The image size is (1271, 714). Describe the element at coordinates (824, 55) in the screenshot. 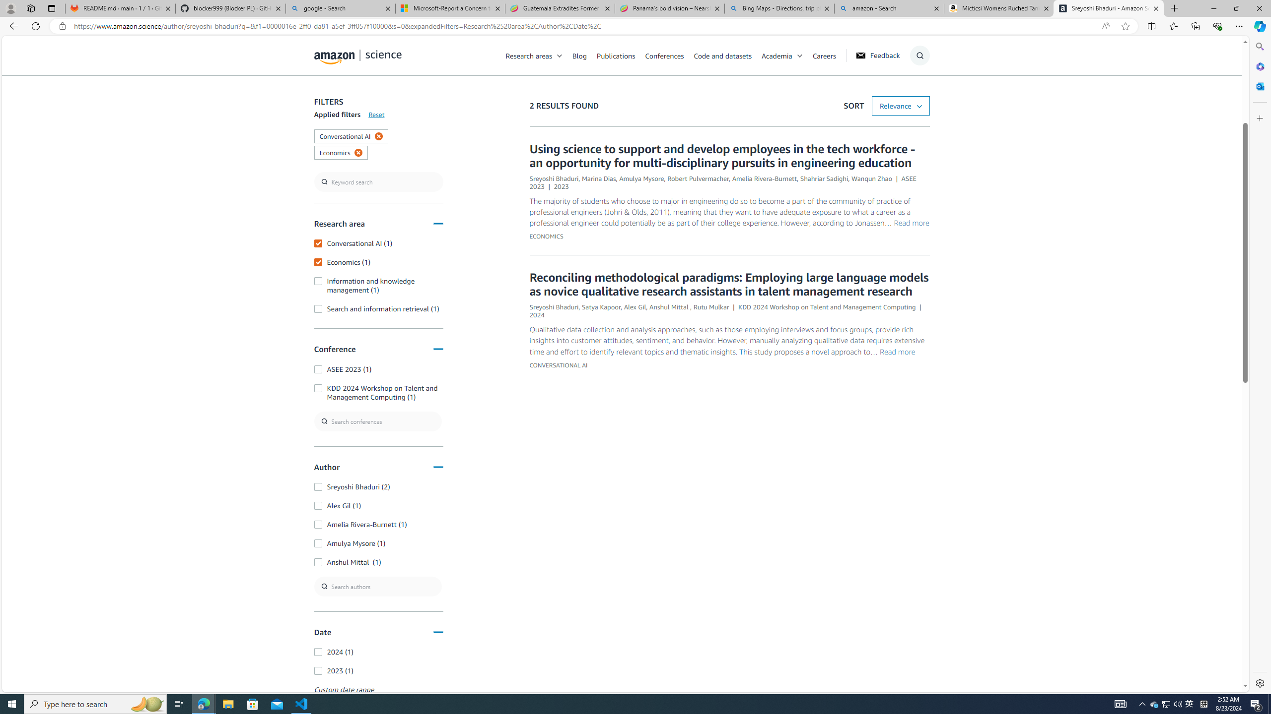

I see `'Careers'` at that location.